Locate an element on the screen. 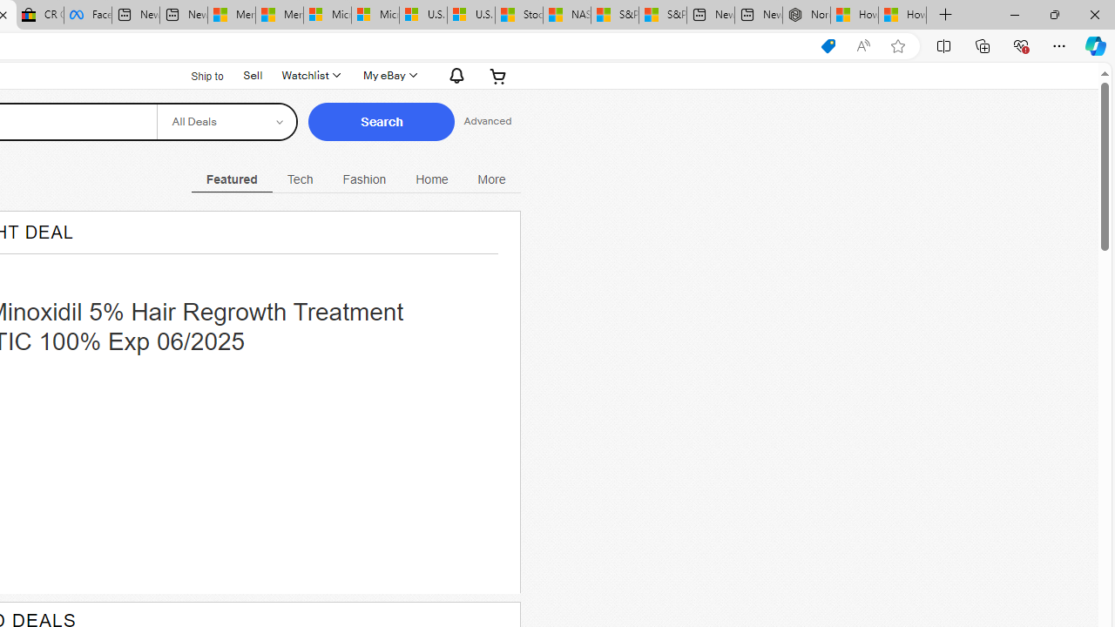 Image resolution: width=1115 pixels, height=627 pixels. 'Split screen' is located at coordinates (943, 44).